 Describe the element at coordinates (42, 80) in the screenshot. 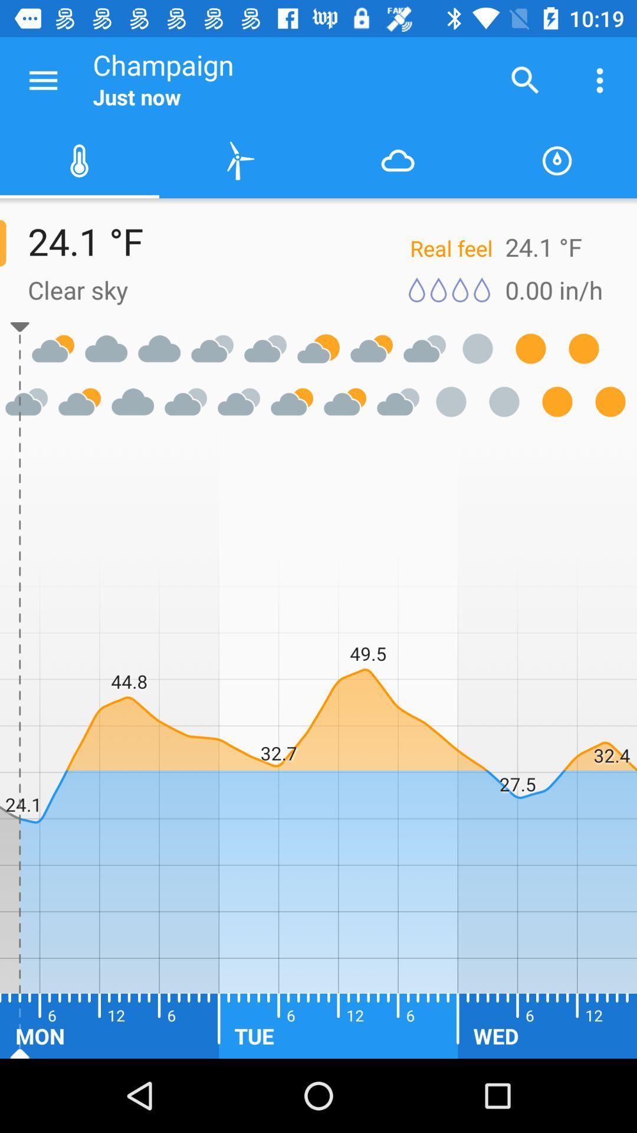

I see `the icon next to champaign icon` at that location.